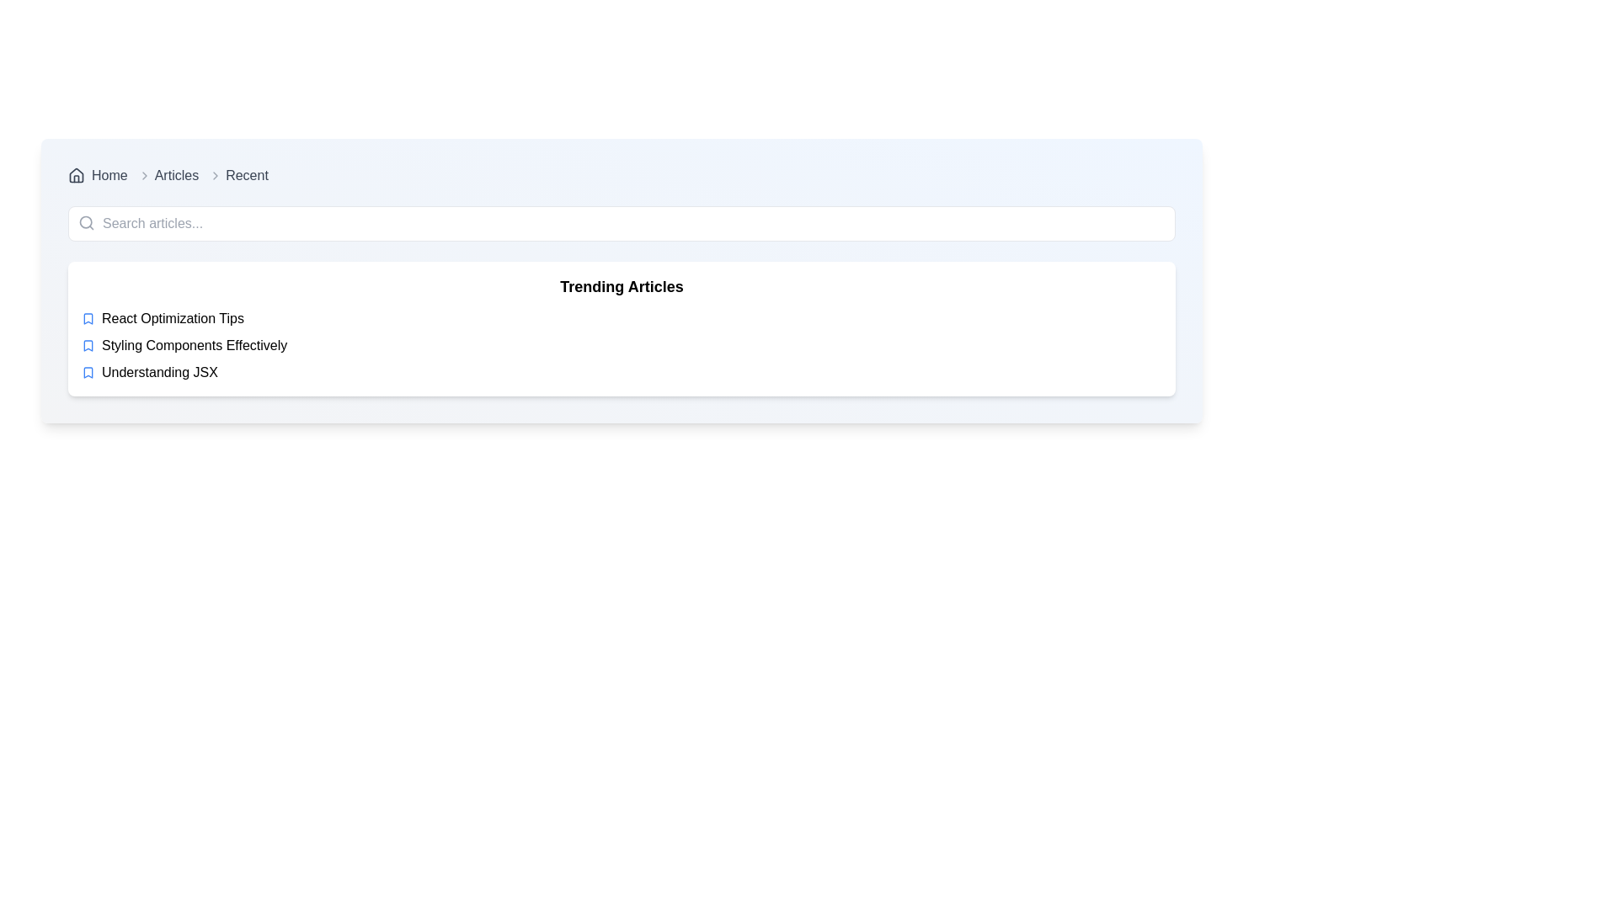  What do you see at coordinates (621, 175) in the screenshot?
I see `the 'Home' segment of the Breadcrumb navigation bar` at bounding box center [621, 175].